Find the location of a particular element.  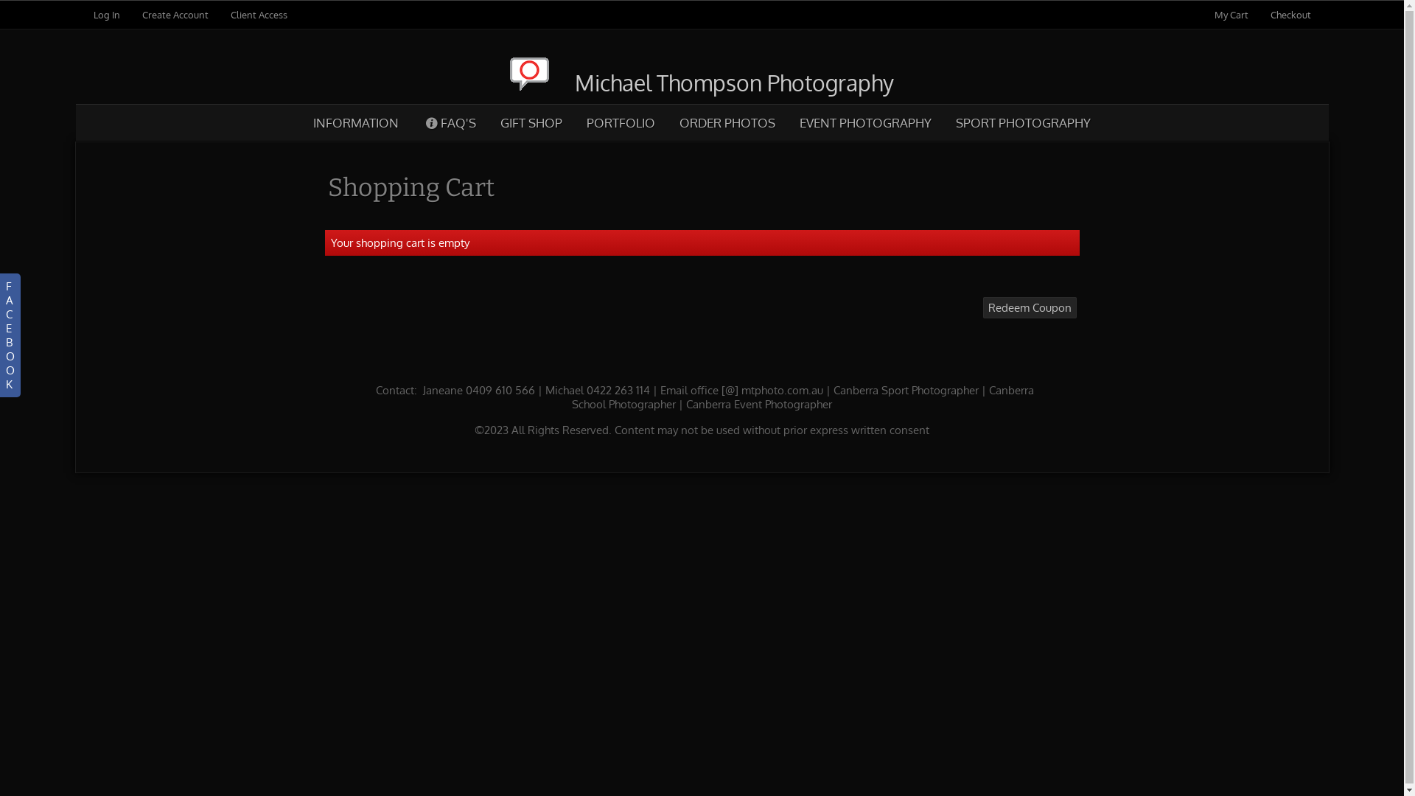

'Redeem Coupon' is located at coordinates (983, 307).